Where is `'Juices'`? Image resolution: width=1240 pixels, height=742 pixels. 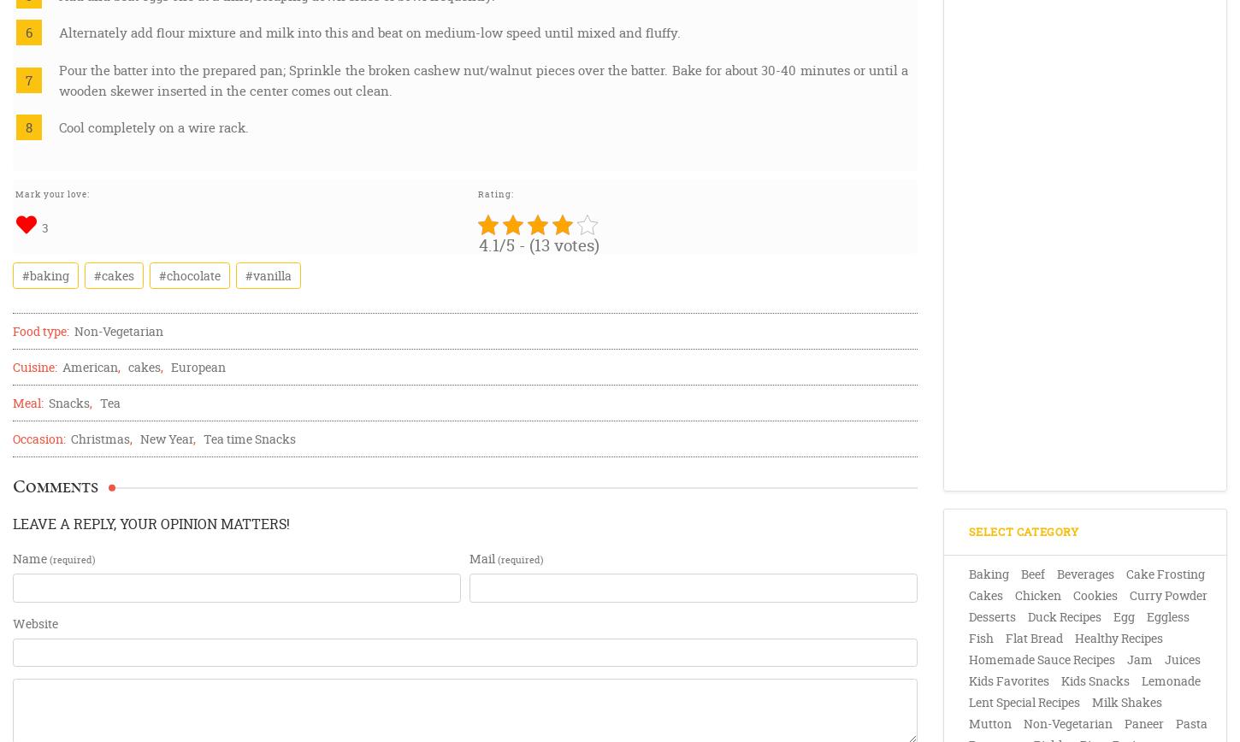 'Juices' is located at coordinates (1180, 659).